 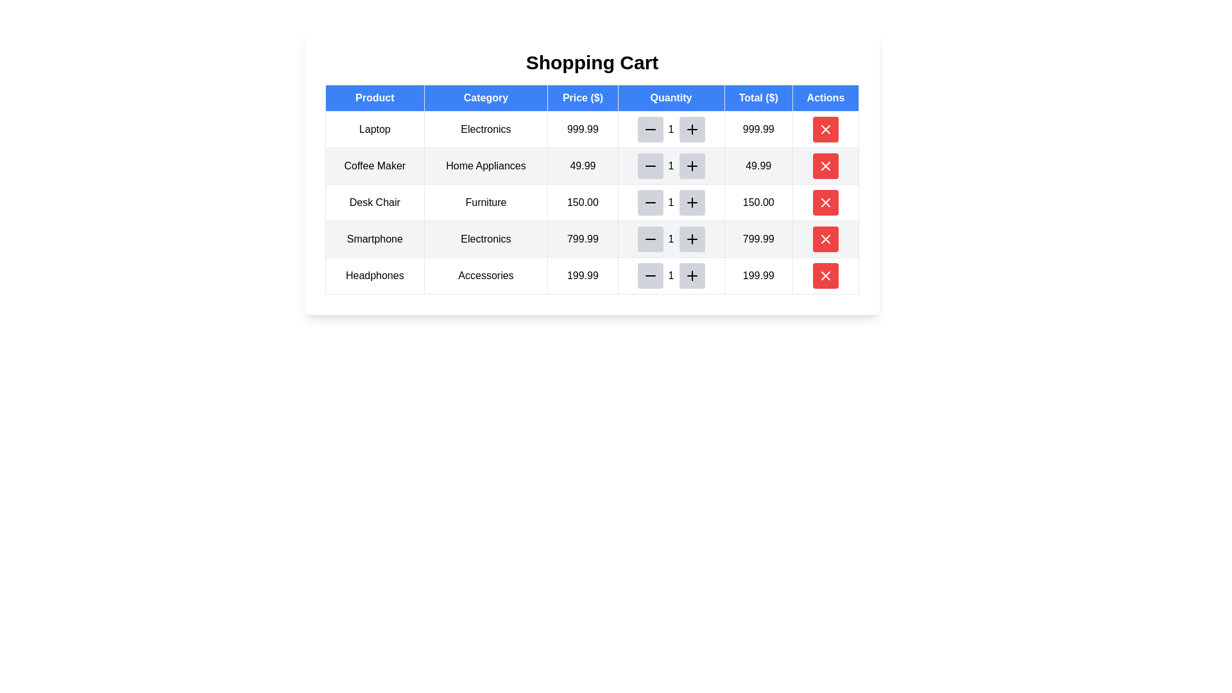 What do you see at coordinates (758, 129) in the screenshot?
I see `the Text Label displaying the calculated total price for the item in the shopping cart, located in the 'Total ($)' column of the table` at bounding box center [758, 129].